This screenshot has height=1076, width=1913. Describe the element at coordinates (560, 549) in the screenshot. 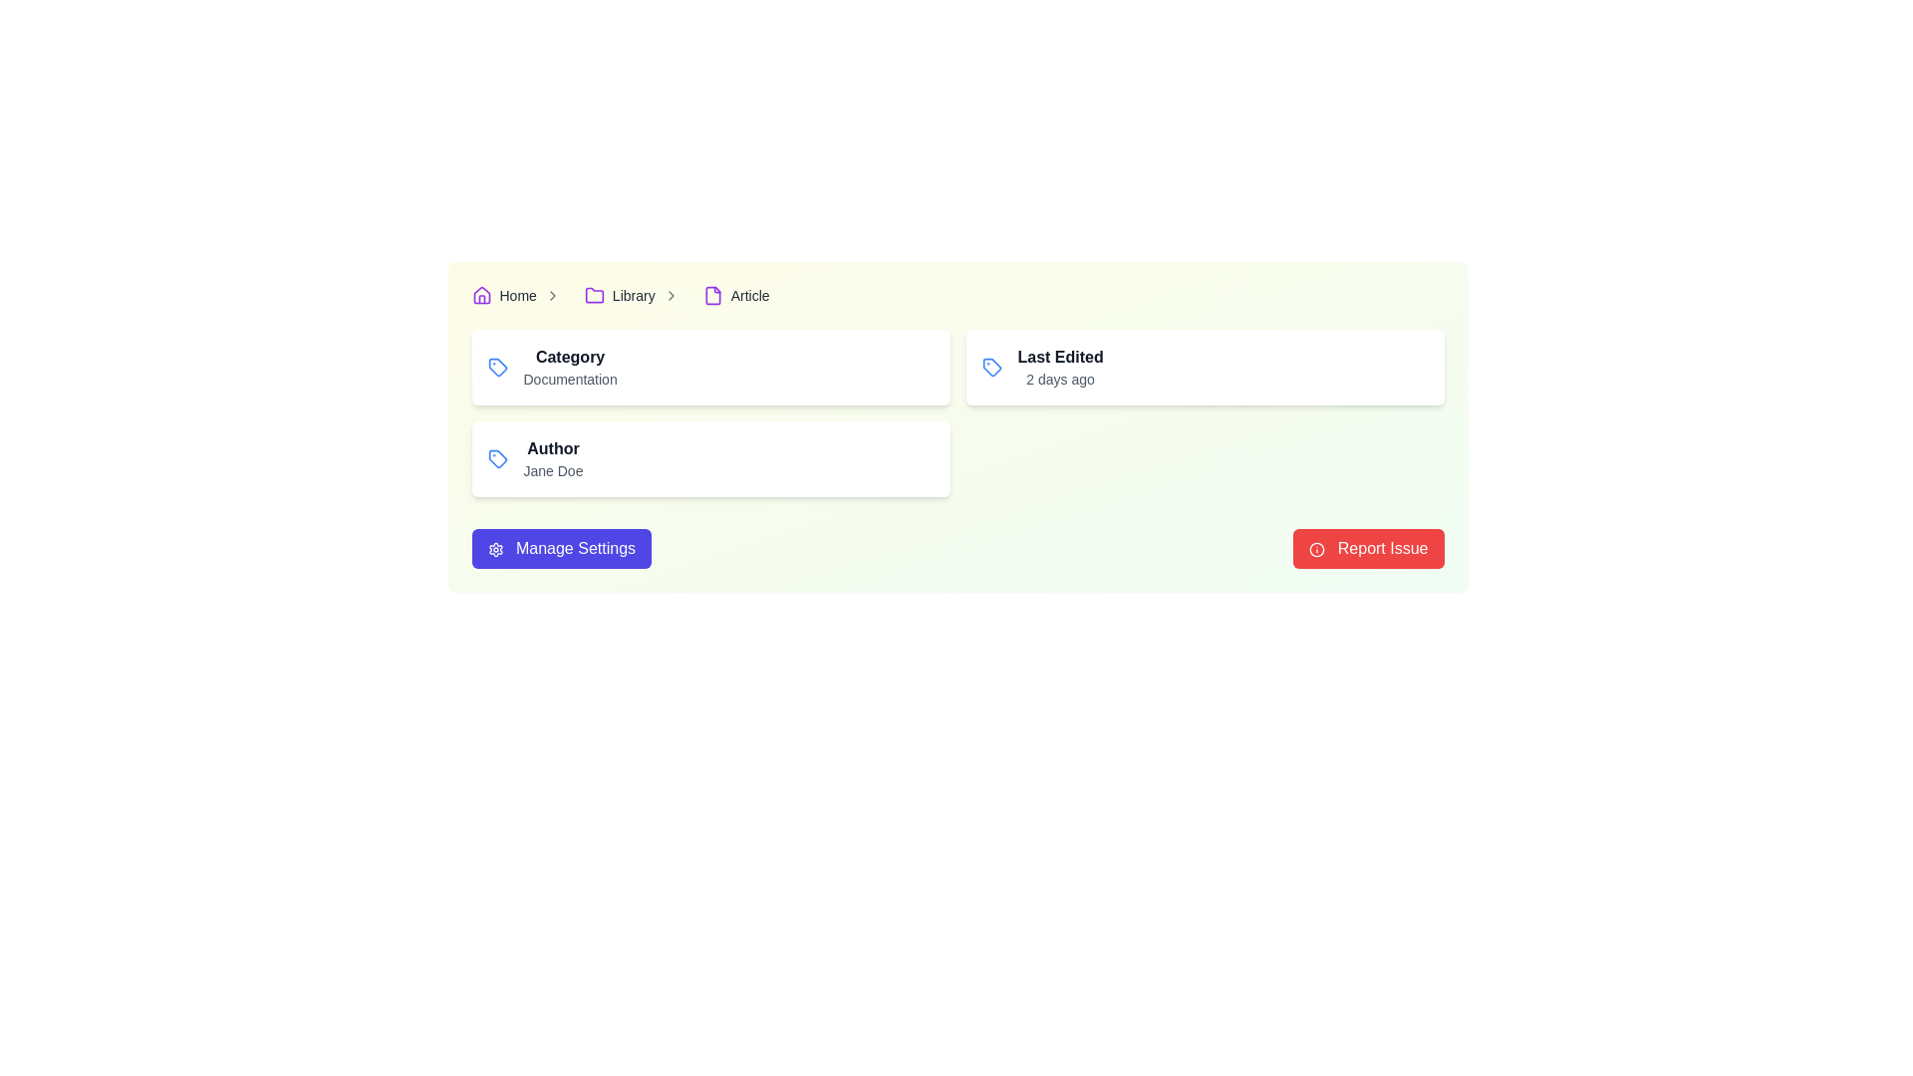

I see `the settings button located in the lower-left side of the panel, indicated by a gear icon` at that location.